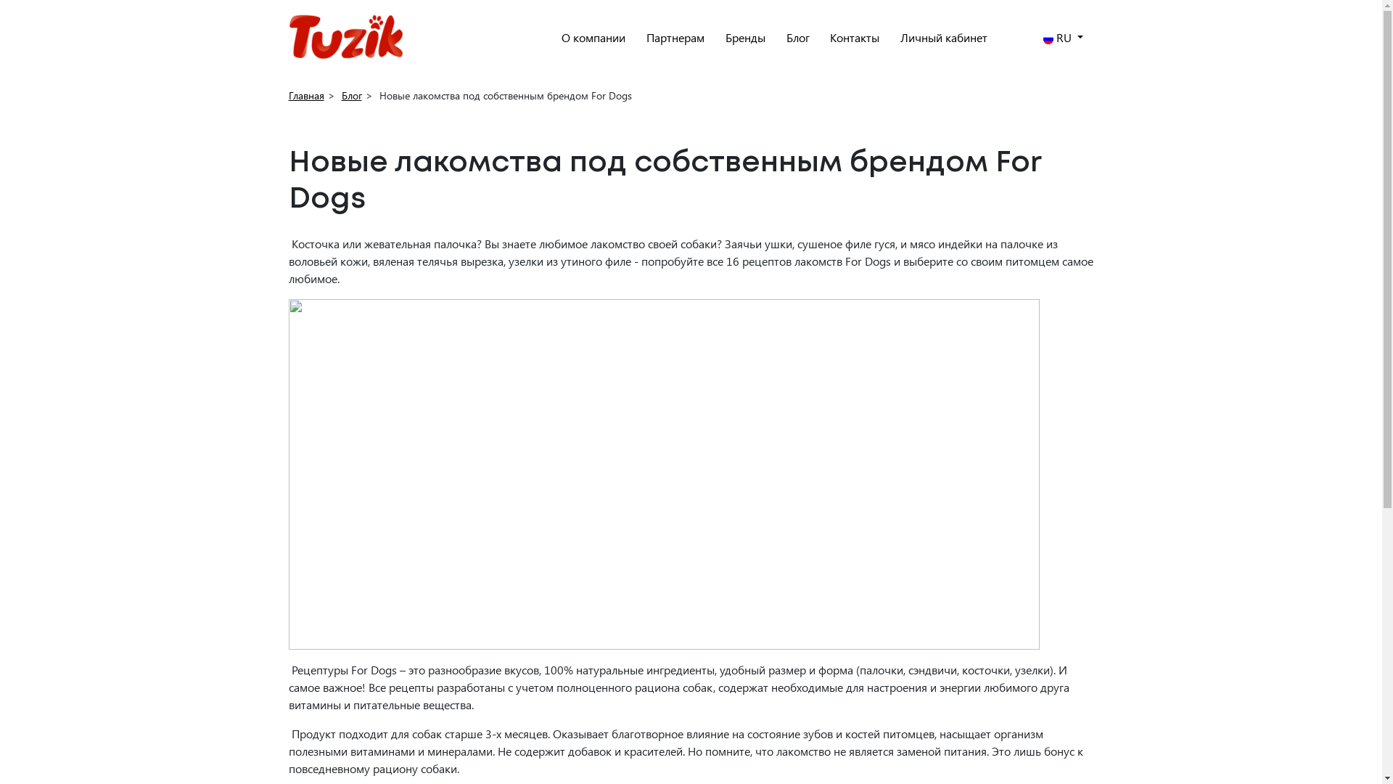 The height and width of the screenshot is (784, 1393). I want to click on 'RU', so click(1063, 36).